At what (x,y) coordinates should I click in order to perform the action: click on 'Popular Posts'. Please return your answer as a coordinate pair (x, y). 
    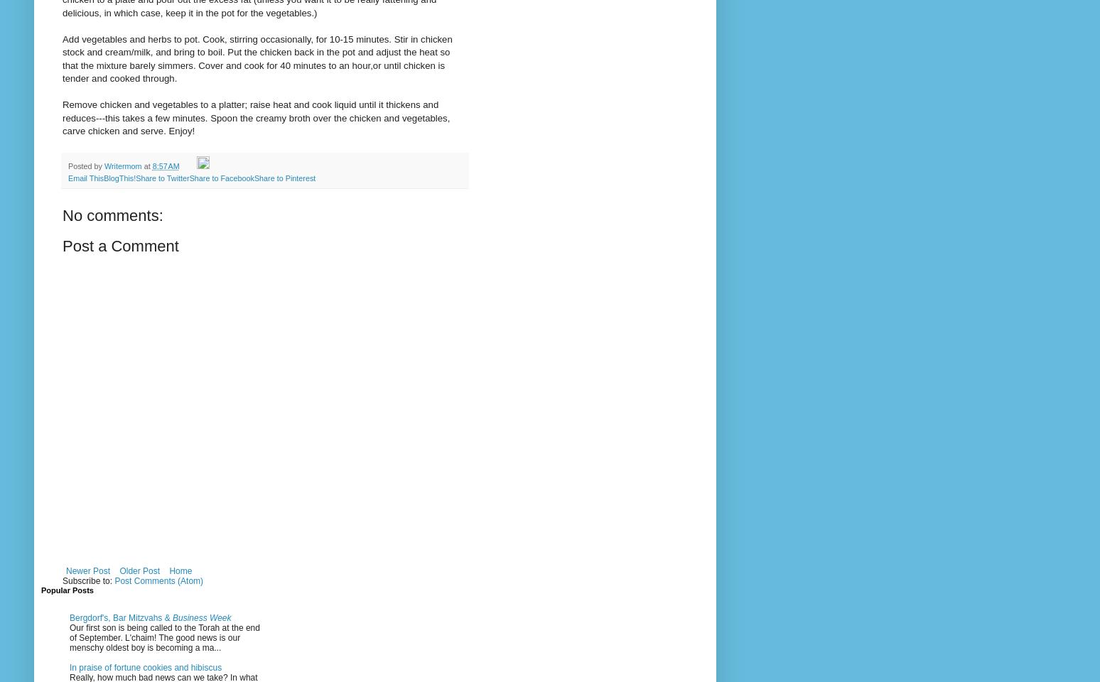
    Looking at the image, I should click on (66, 590).